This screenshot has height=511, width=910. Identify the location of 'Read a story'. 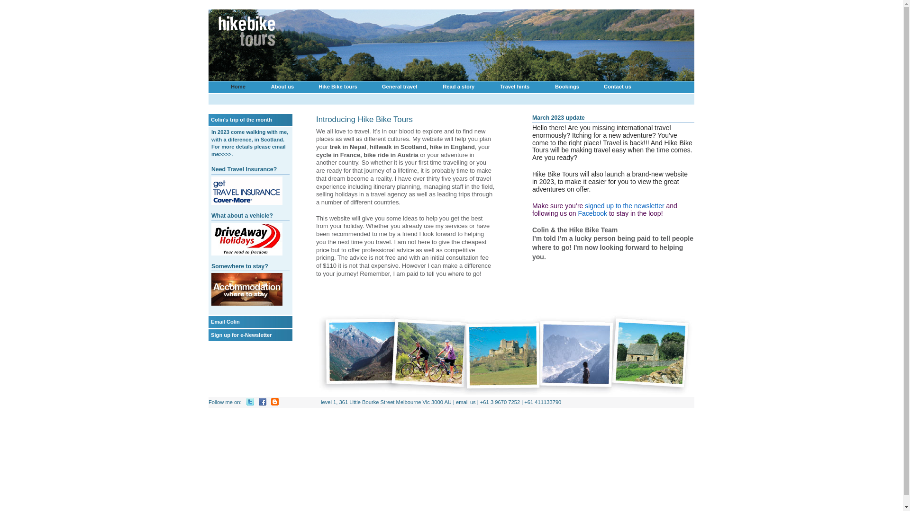
(458, 87).